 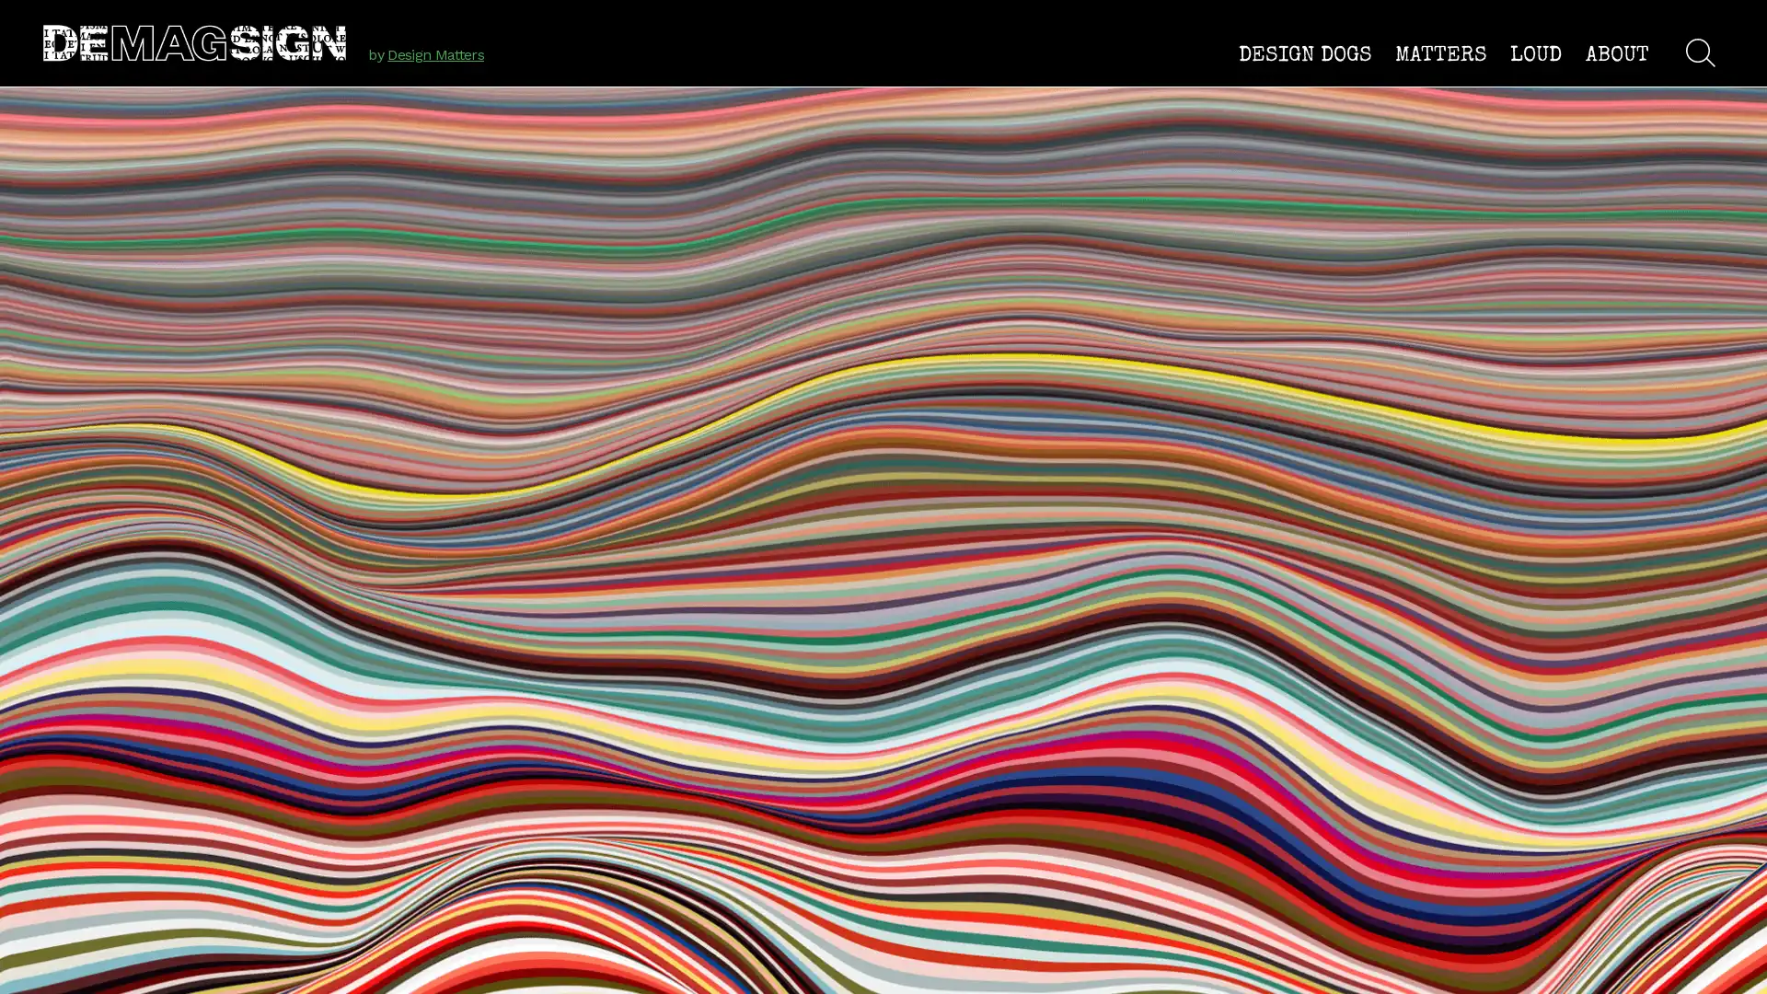 What do you see at coordinates (1699, 52) in the screenshot?
I see `Search` at bounding box center [1699, 52].